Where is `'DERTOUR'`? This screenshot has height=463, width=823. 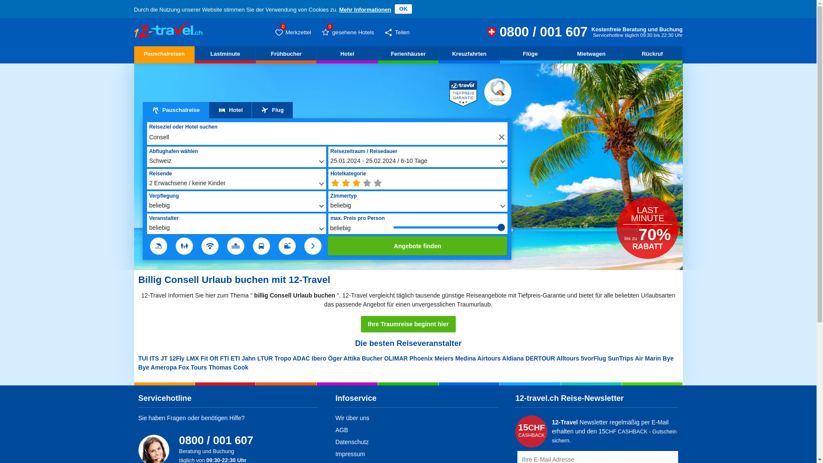
'DERTOUR' is located at coordinates (540, 358).